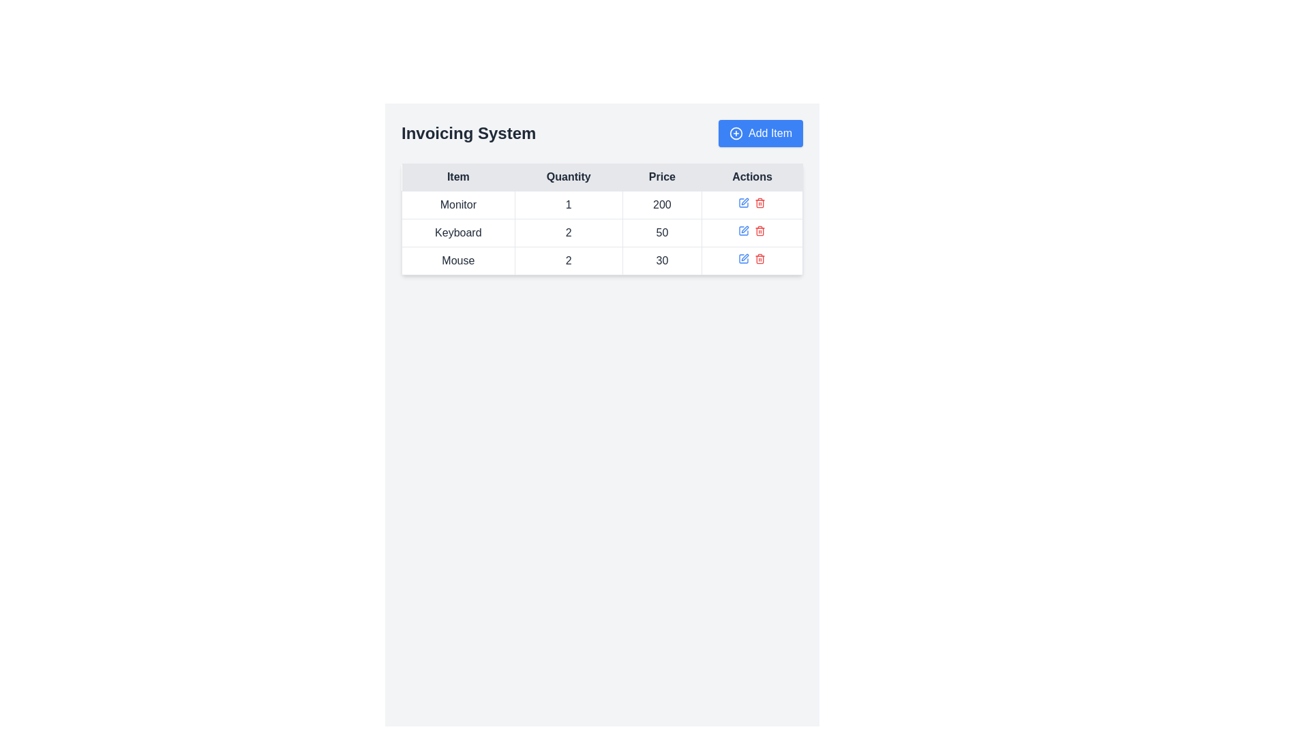 This screenshot has width=1309, height=736. Describe the element at coordinates (458, 204) in the screenshot. I see `the first table cell in the 'Item' column of the Invoicing System to potentially reveal additional information` at that location.